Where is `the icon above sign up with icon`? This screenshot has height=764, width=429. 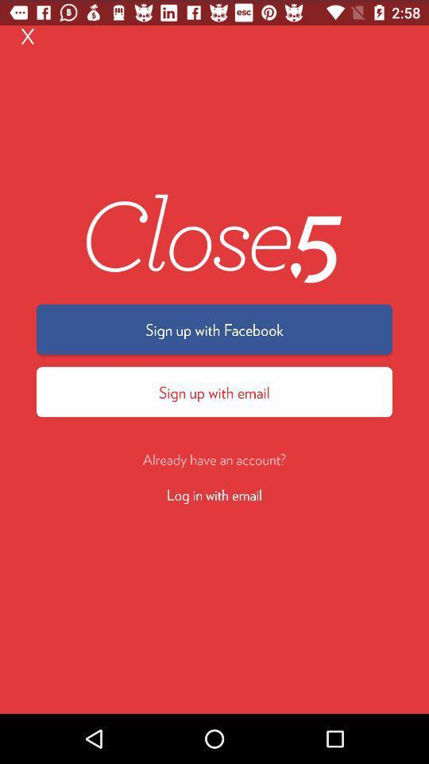
the icon above sign up with icon is located at coordinates (28, 34).